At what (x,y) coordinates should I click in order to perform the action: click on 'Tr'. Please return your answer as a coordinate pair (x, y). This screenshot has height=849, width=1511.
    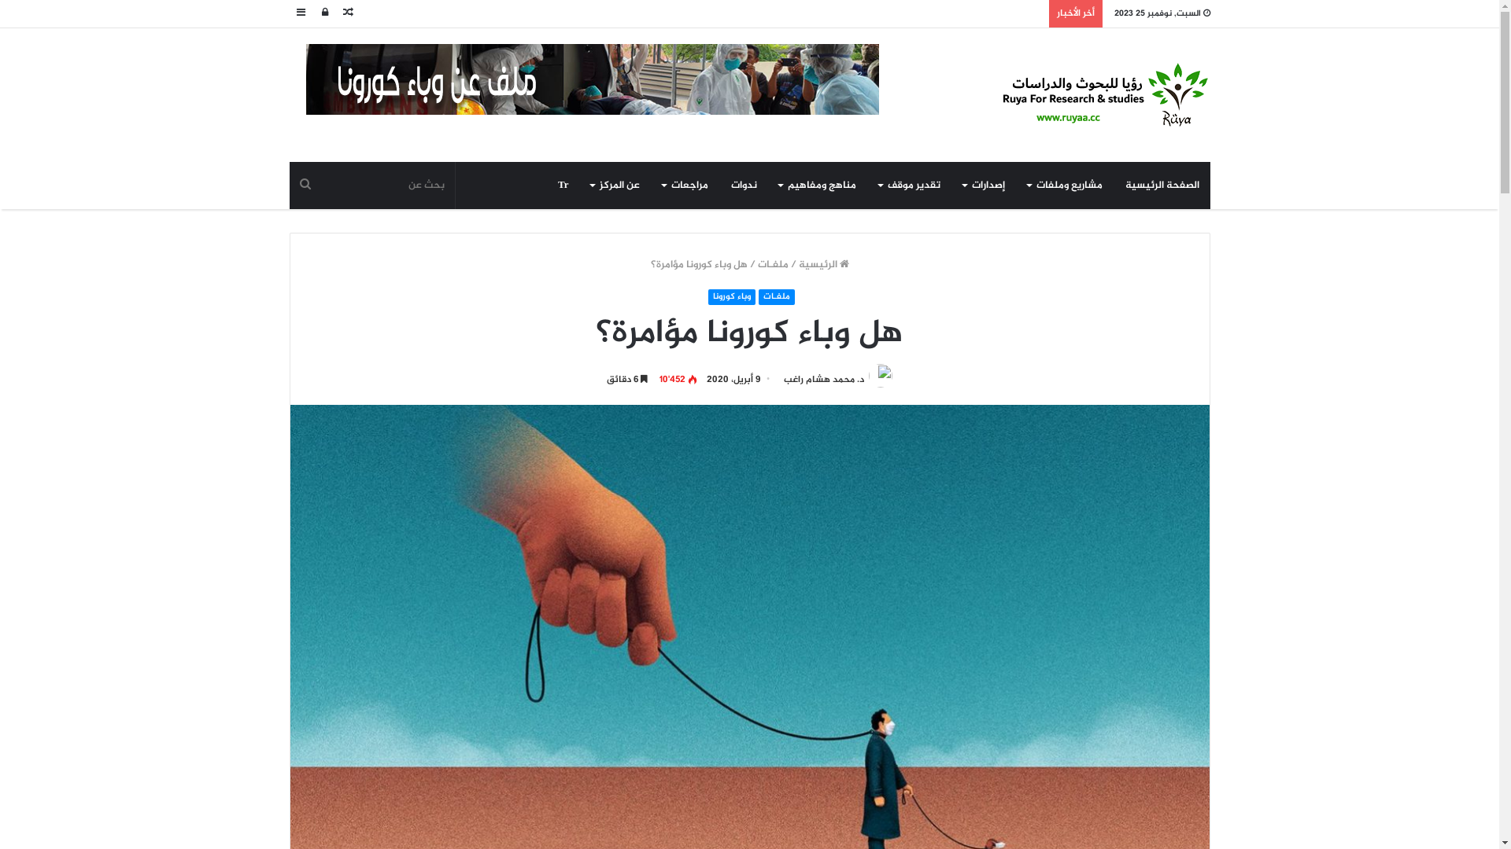
    Looking at the image, I should click on (563, 184).